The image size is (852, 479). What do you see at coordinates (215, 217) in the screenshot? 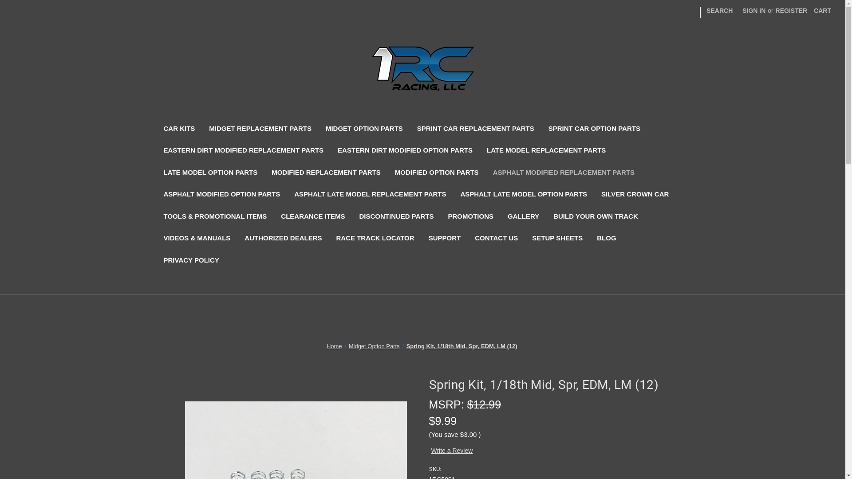
I see `'TOOLS & PROMOTIONAL ITEMS'` at bounding box center [215, 217].